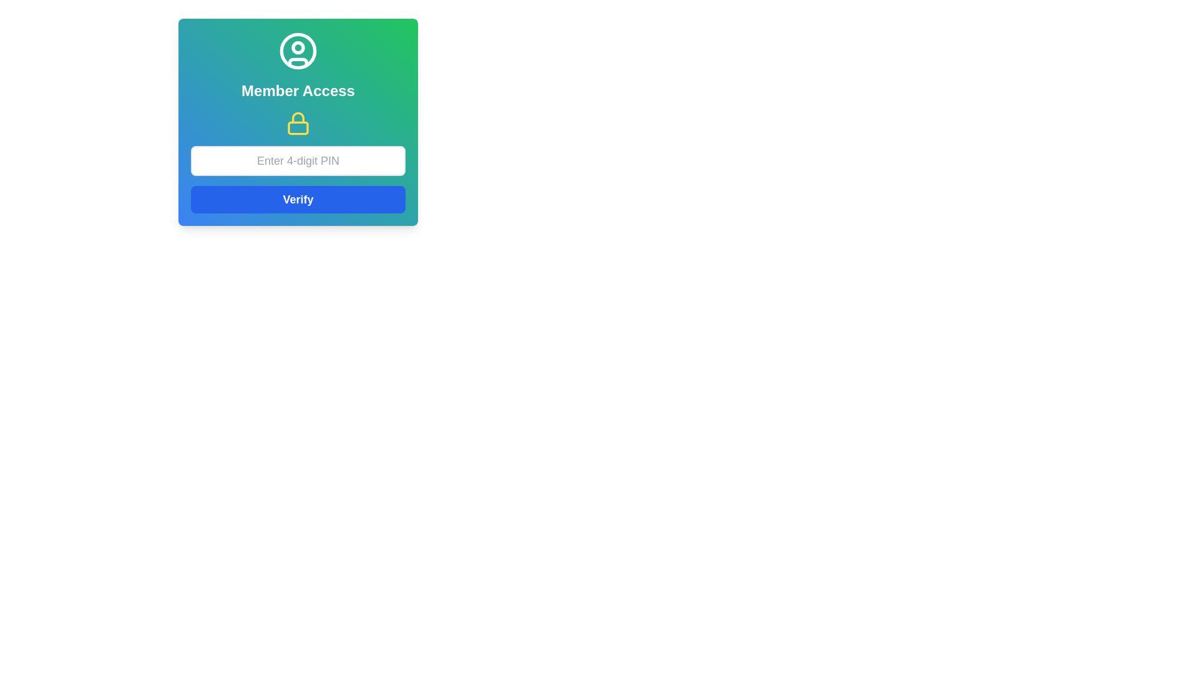 This screenshot has height=674, width=1198. I want to click on the small circle representing the user profile icon, which is centered within the larger circular frame at the top center of the member access panel, so click(298, 47).